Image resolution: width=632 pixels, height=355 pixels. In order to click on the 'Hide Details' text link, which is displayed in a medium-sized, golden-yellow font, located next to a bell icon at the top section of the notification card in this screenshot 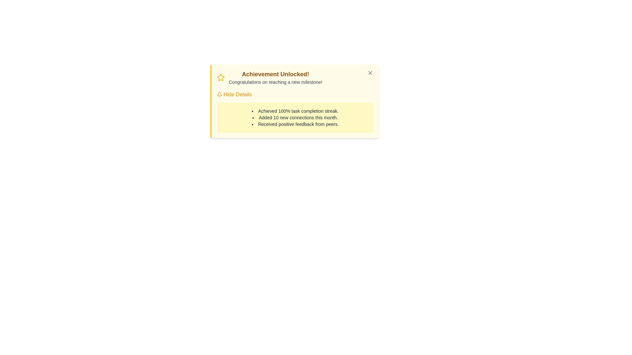, I will do `click(237, 95)`.